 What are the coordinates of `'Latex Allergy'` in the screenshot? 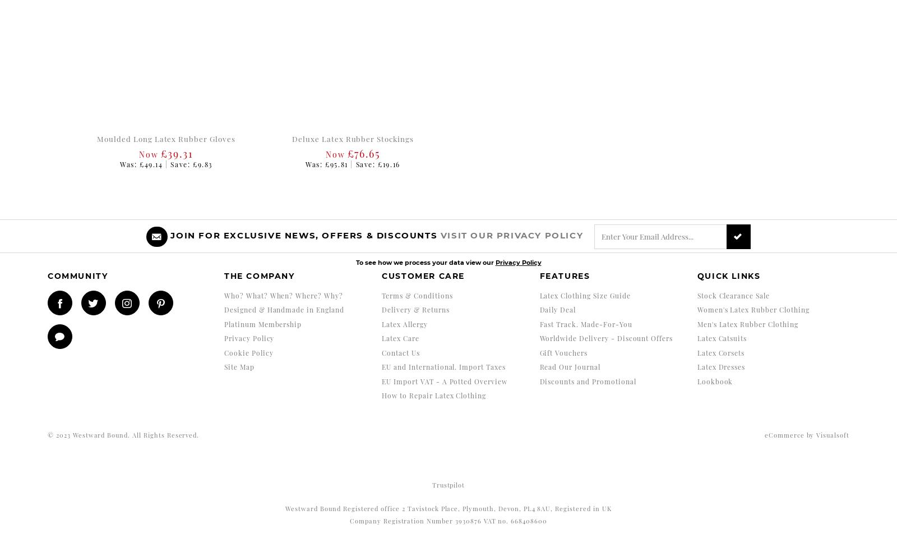 It's located at (381, 324).